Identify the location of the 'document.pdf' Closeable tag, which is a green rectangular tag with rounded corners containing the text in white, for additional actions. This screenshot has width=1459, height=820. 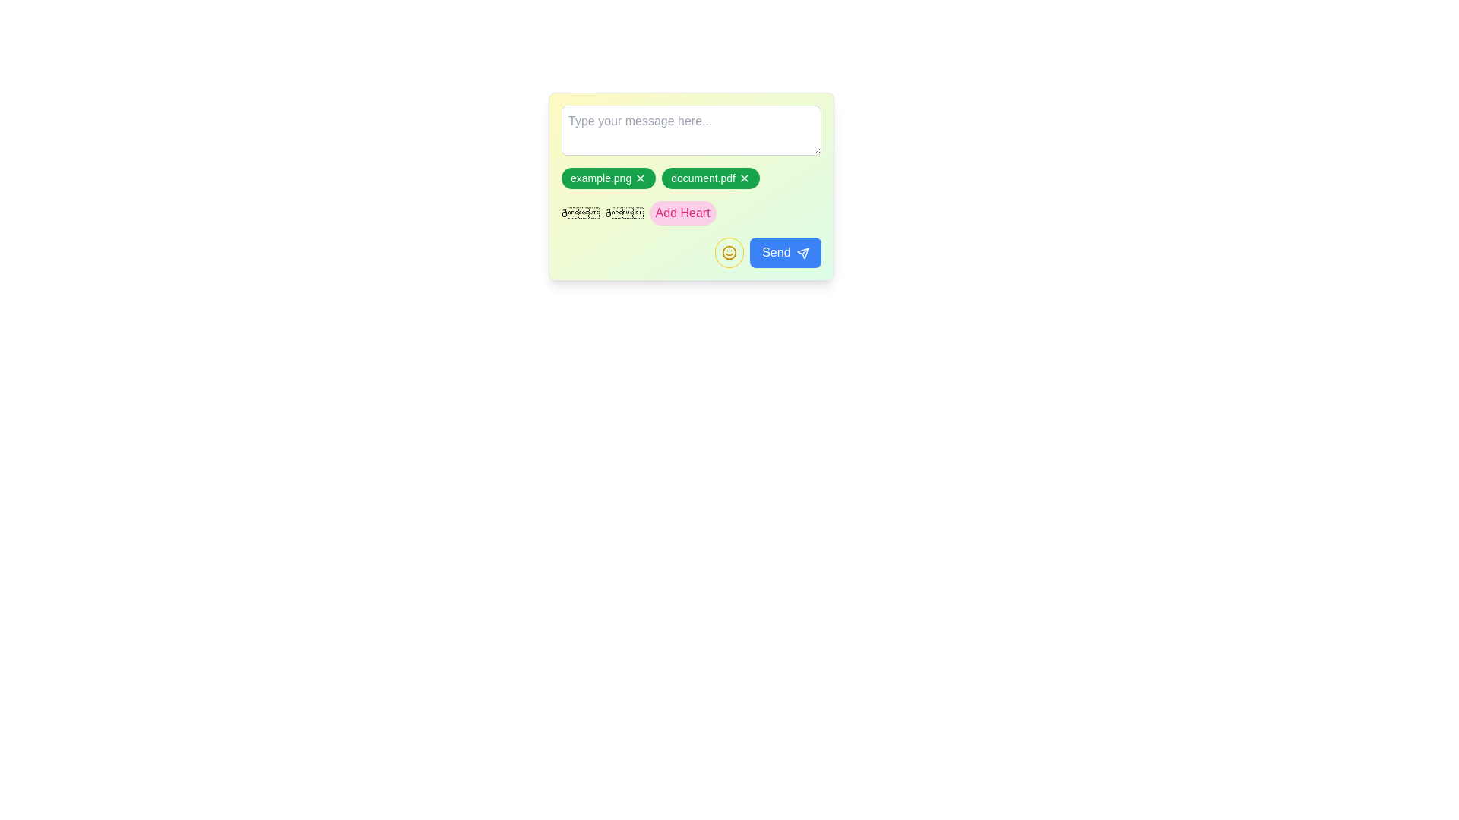
(691, 186).